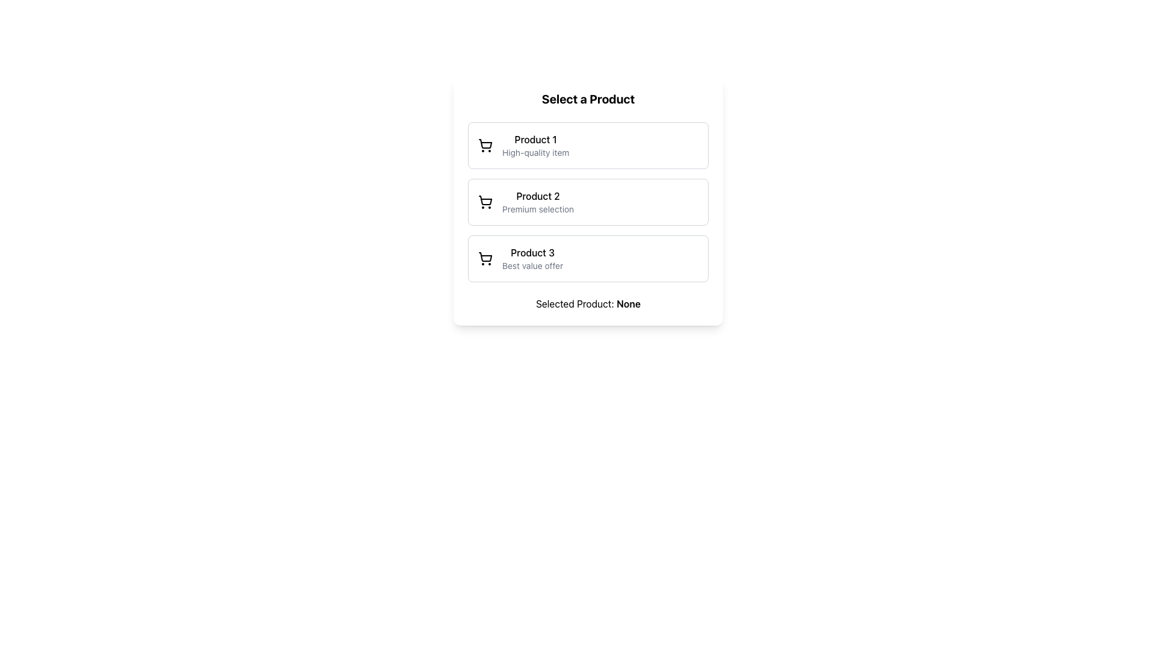 Image resolution: width=1155 pixels, height=650 pixels. I want to click on the text label displaying 'Selected Product: None', which is styled with a bold font and located at the bottom of the product options list, so click(588, 303).